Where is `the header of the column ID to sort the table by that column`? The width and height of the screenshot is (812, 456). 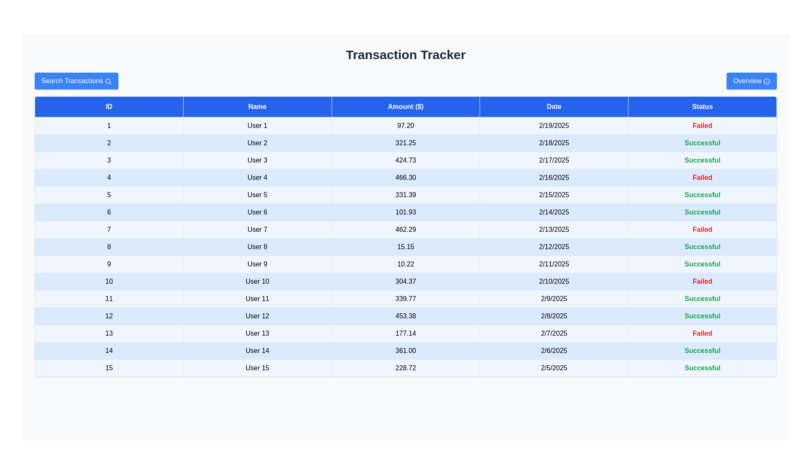 the header of the column ID to sort the table by that column is located at coordinates (108, 106).